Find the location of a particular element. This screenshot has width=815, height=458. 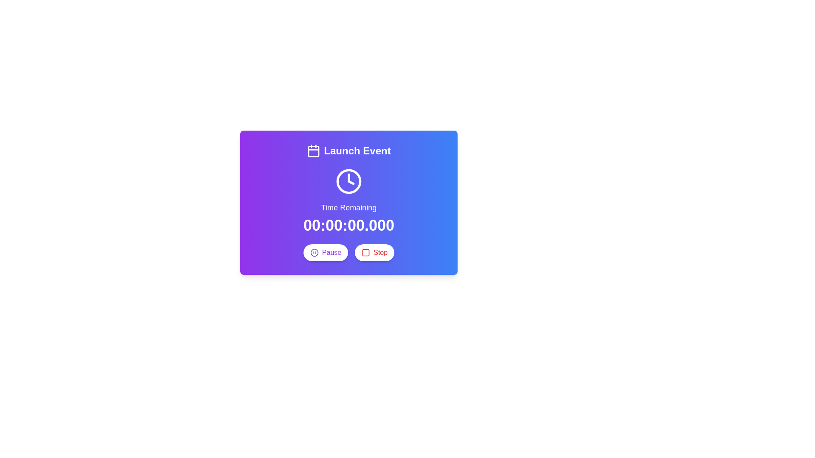

the 'Pause' button, which is a horizontally centered rounded rectangular button with a white background and purple text is located at coordinates (325, 252).